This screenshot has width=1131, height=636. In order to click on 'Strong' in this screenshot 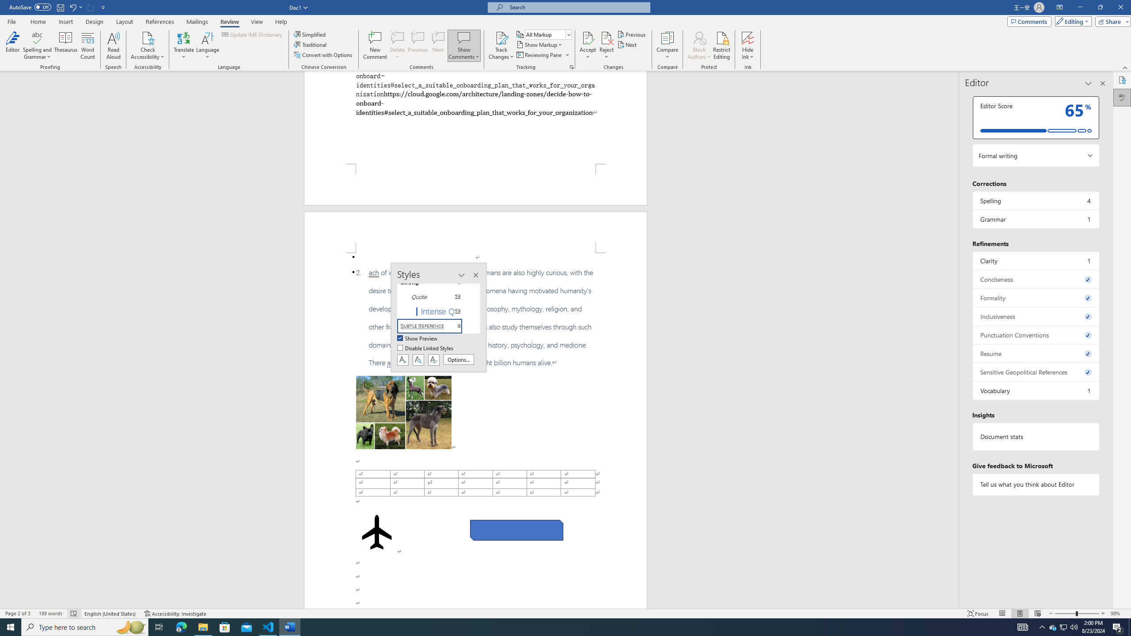, I will do `click(434, 282)`.